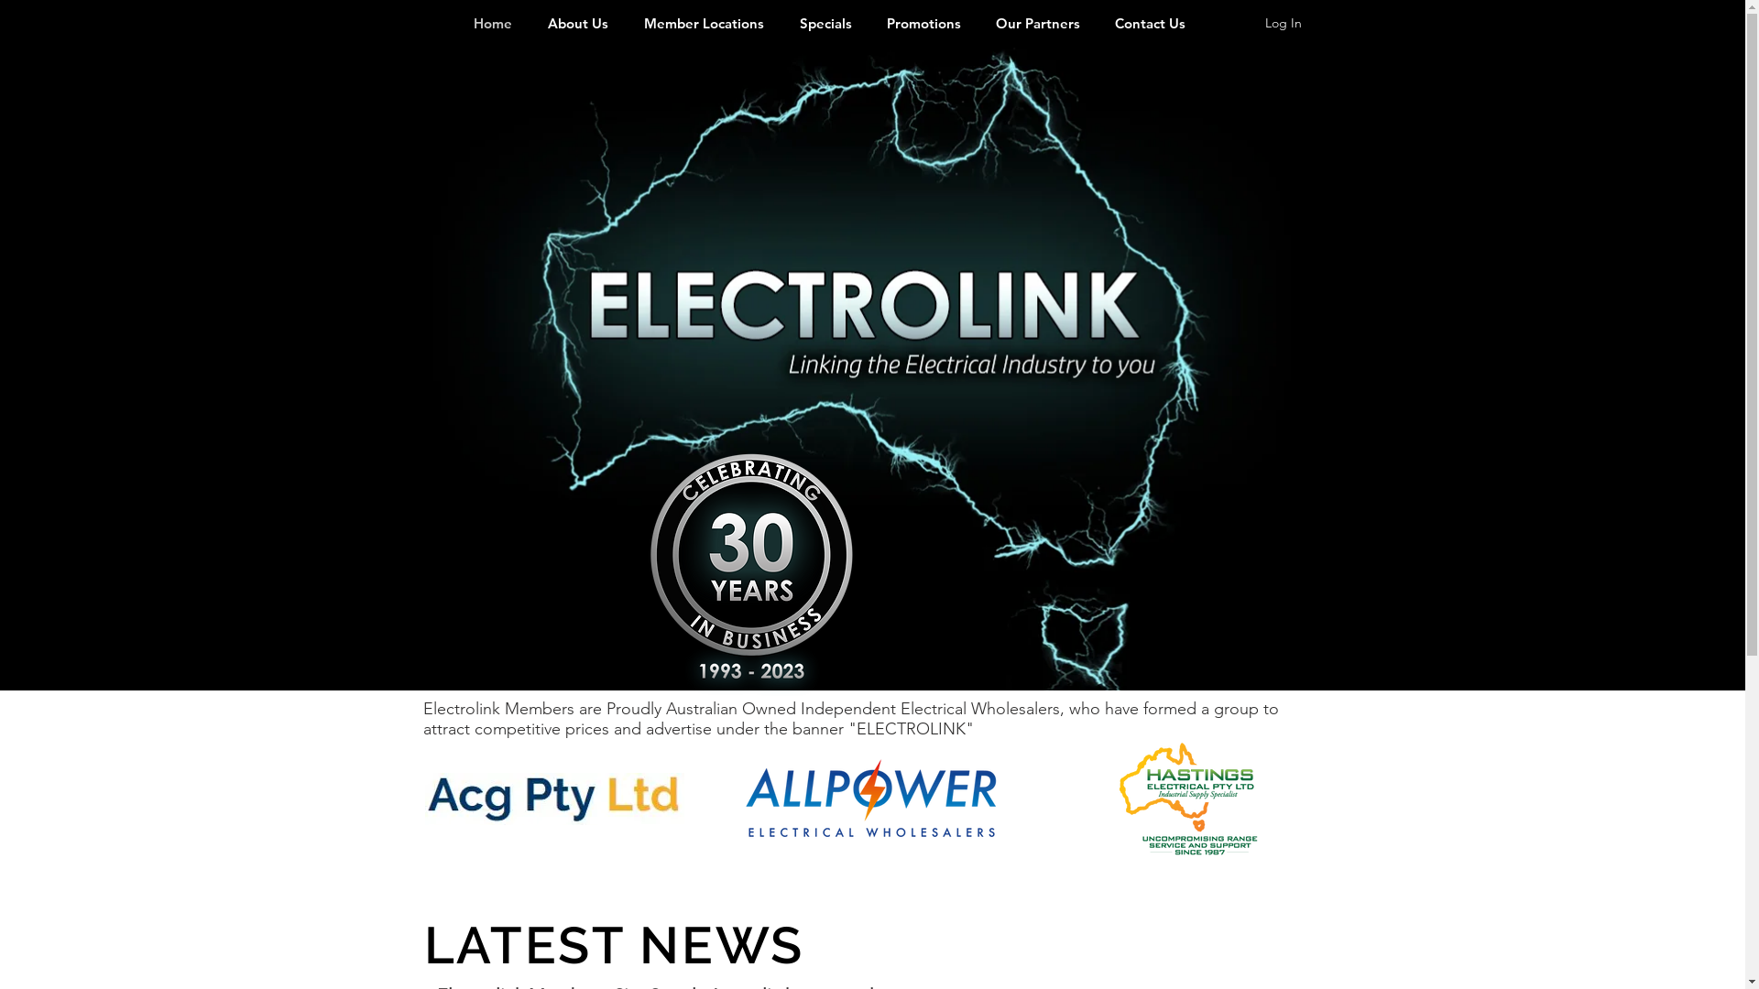 The height and width of the screenshot is (989, 1759). I want to click on 'Our Partners', so click(1037, 23).